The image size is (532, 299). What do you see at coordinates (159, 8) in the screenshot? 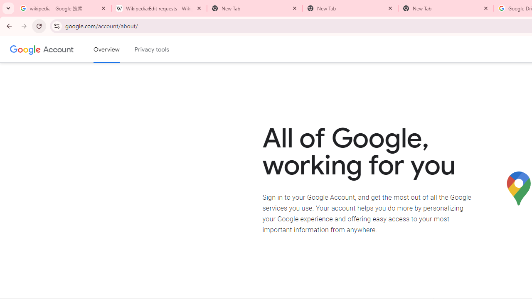
I see `'Wikipedia:Edit requests - Wikipedia'` at bounding box center [159, 8].